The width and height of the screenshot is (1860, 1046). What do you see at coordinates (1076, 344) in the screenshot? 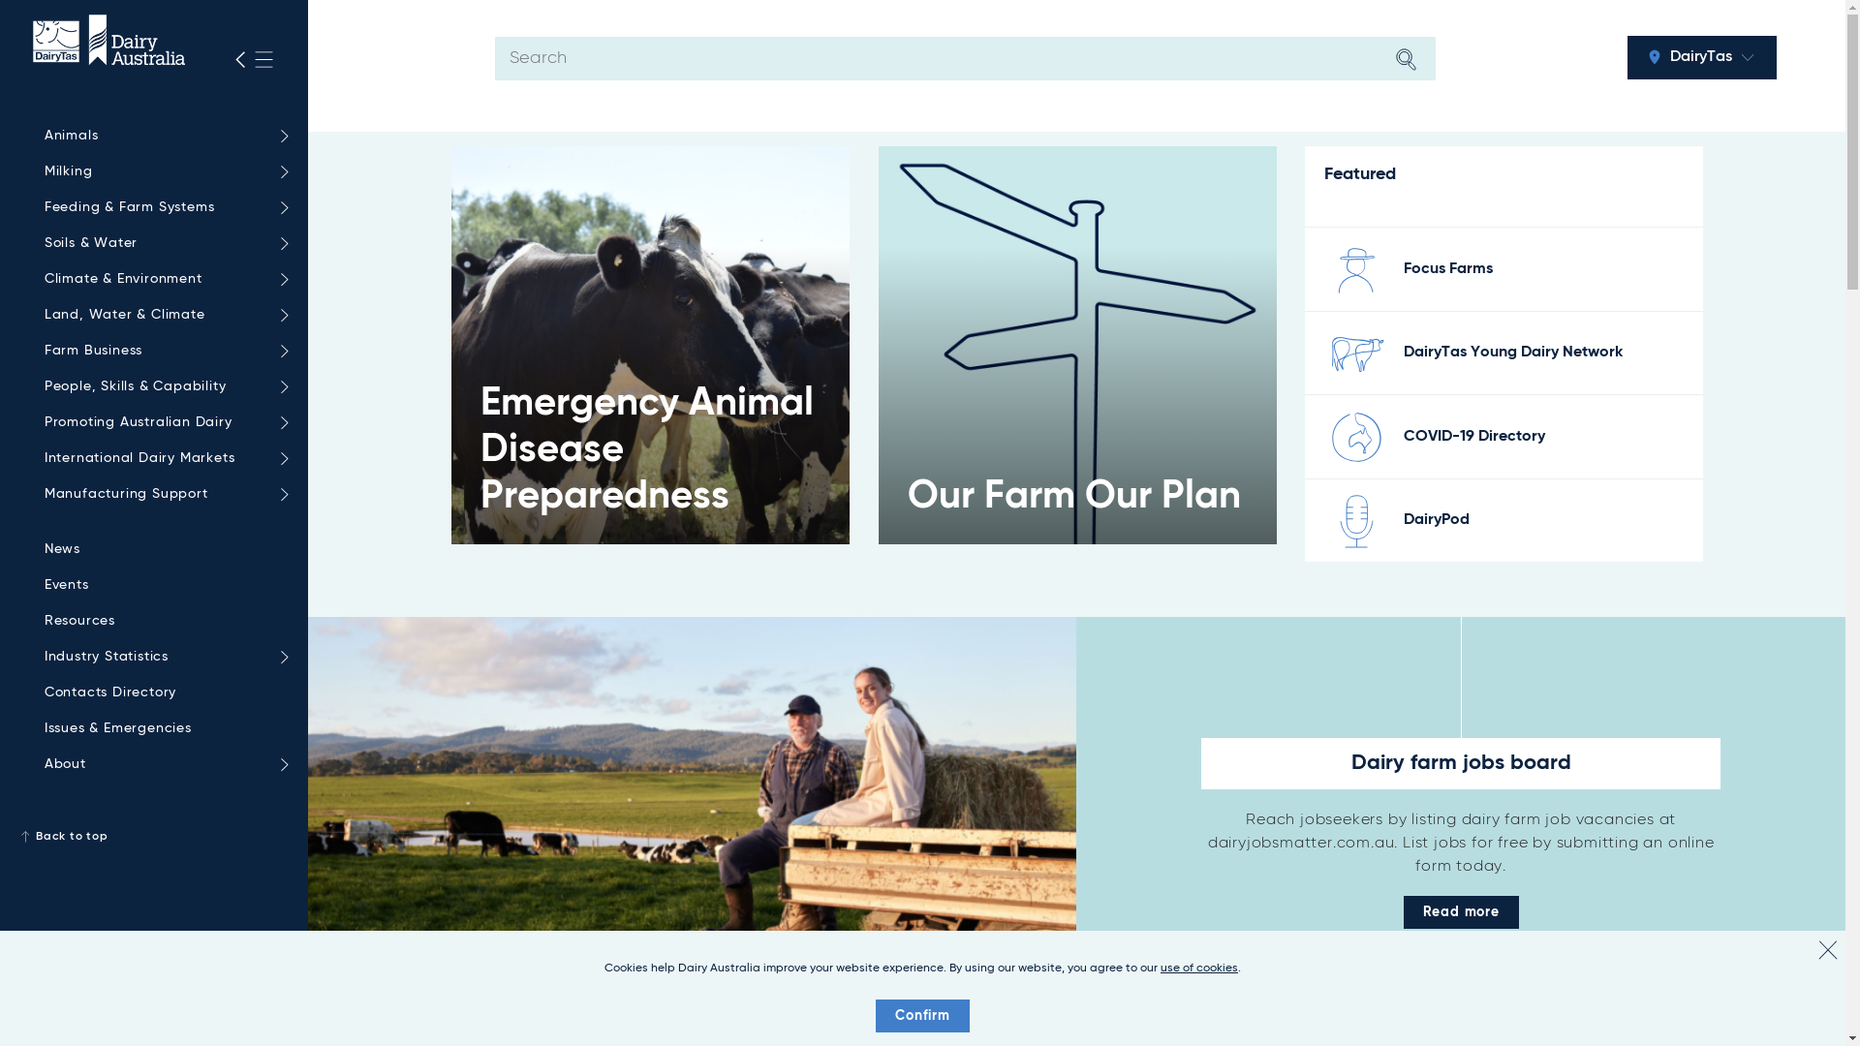
I see `'Our Farm Our Plan'` at bounding box center [1076, 344].